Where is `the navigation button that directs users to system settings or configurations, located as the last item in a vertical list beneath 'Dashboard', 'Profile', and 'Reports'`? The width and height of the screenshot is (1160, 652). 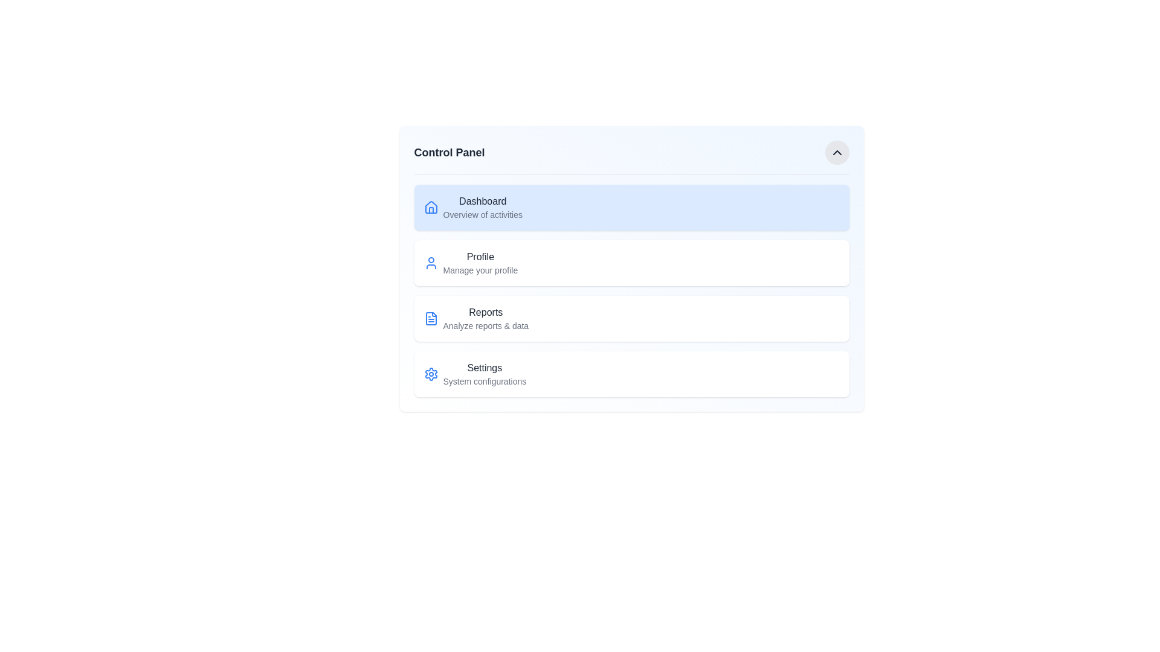 the navigation button that directs users to system settings or configurations, located as the last item in a vertical list beneath 'Dashboard', 'Profile', and 'Reports' is located at coordinates (631, 374).